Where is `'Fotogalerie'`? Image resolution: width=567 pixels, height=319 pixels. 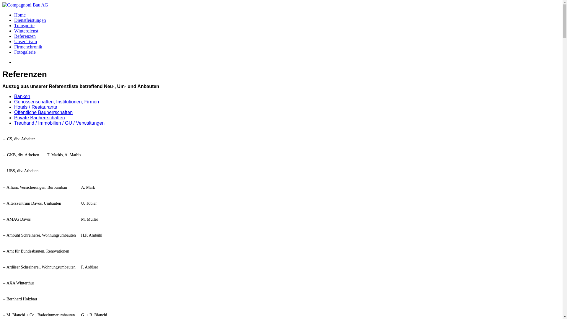
'Fotogalerie' is located at coordinates (14, 52).